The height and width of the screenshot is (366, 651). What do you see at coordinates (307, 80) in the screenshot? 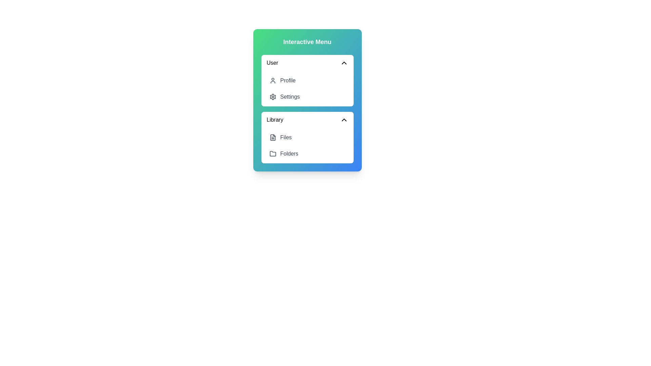
I see `the menu item Profile within the NestedDashboardMenu component` at bounding box center [307, 80].